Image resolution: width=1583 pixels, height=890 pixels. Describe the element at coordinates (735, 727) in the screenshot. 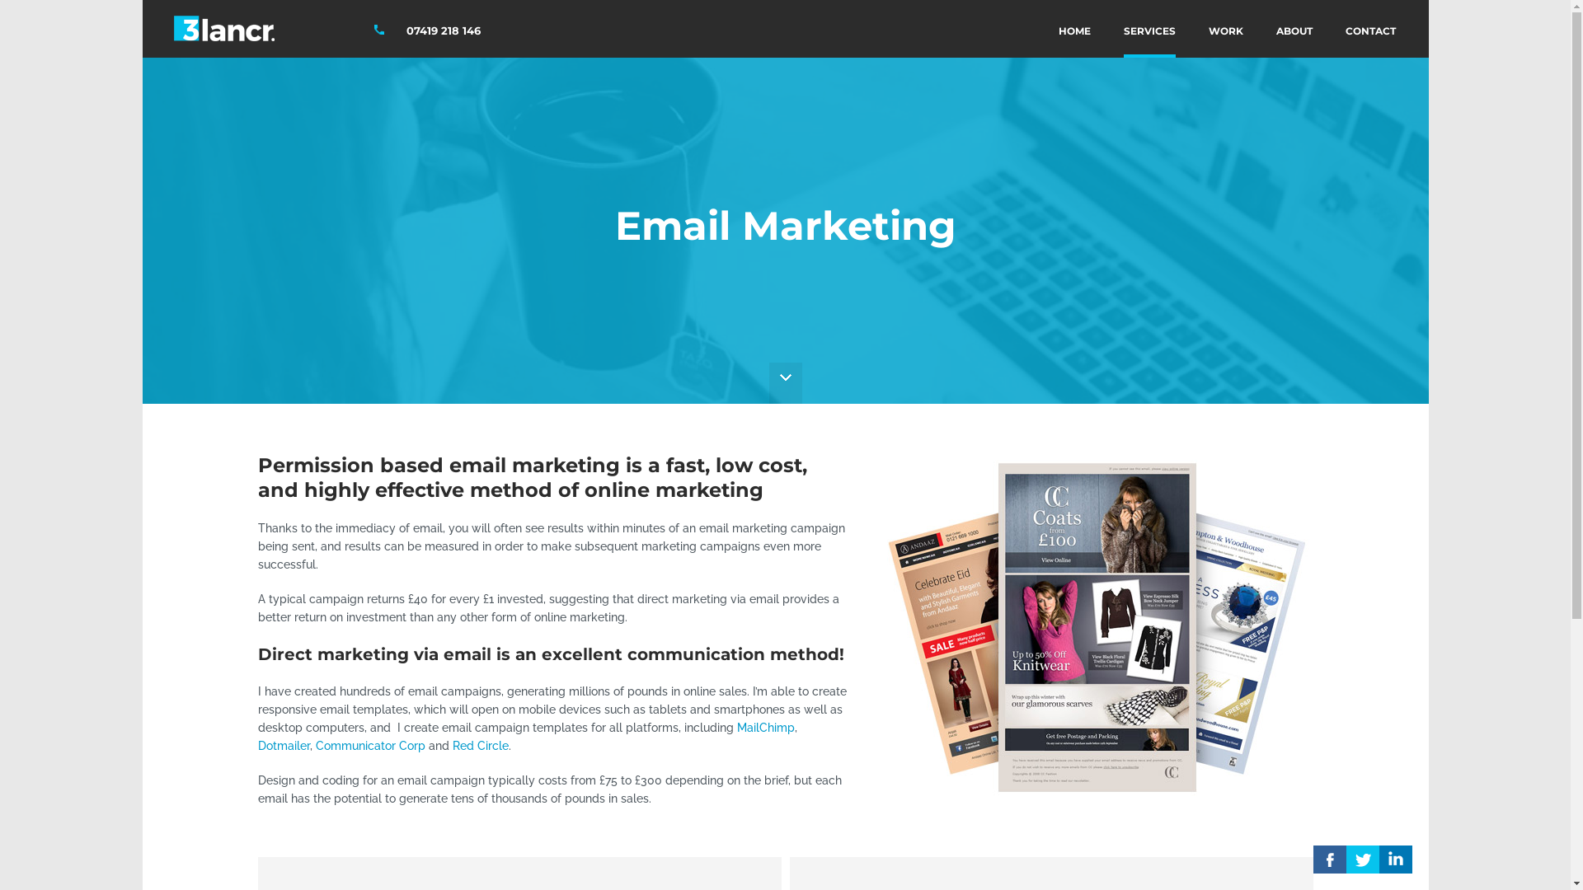

I see `'MailChimp'` at that location.